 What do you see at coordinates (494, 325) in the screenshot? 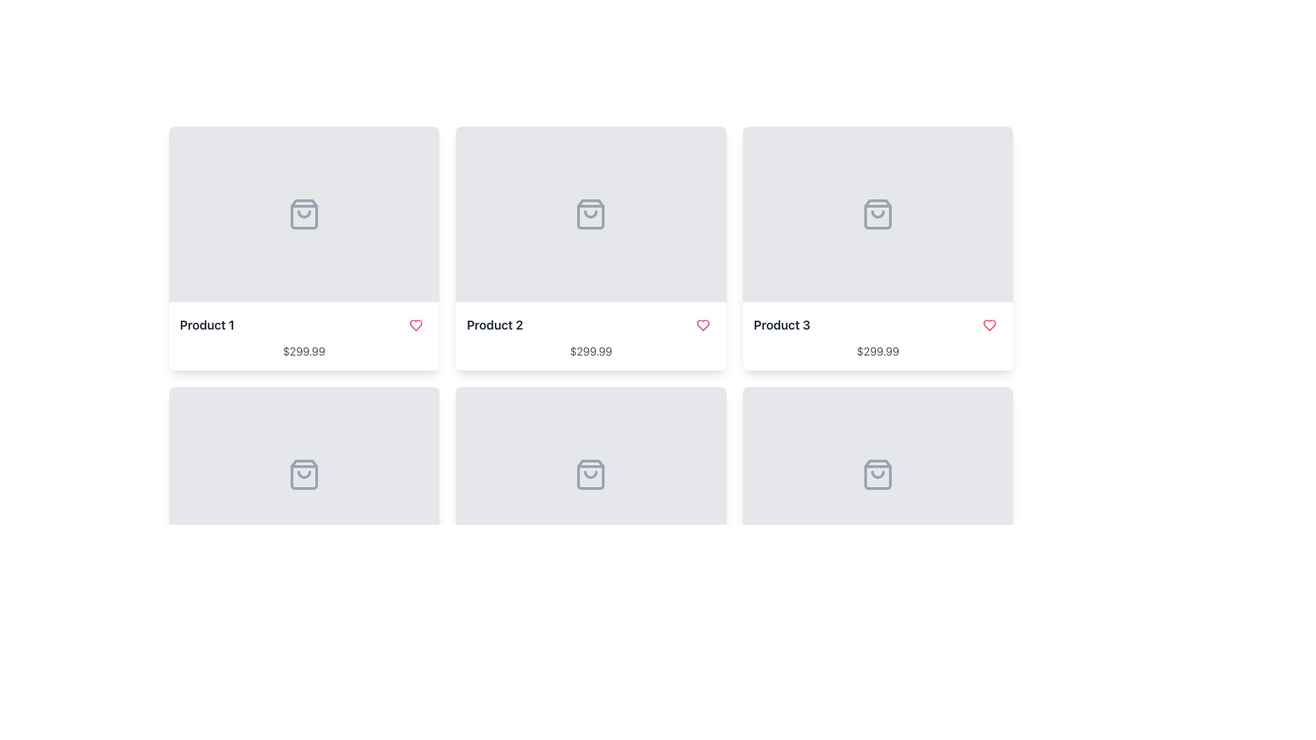
I see `the text label located under the image of the second product in the top row of the grid, which helps users identify the product` at bounding box center [494, 325].